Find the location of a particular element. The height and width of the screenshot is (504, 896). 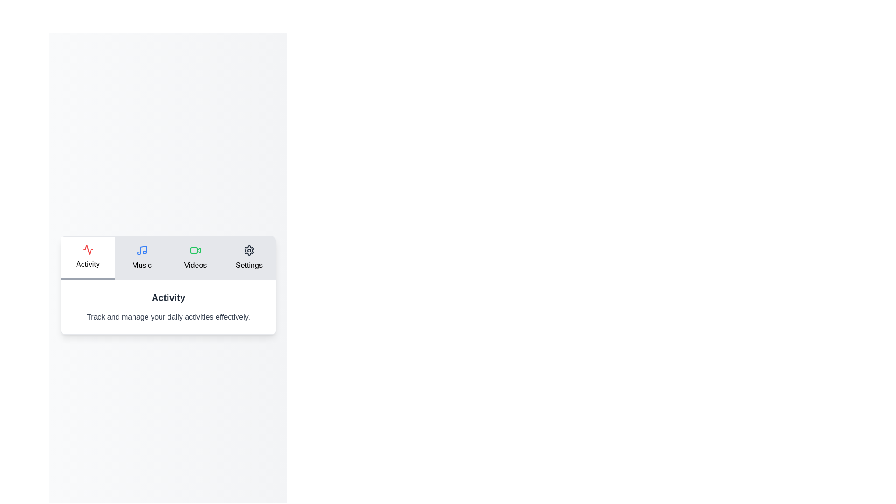

the Settings tab to view its content is located at coordinates (249, 258).